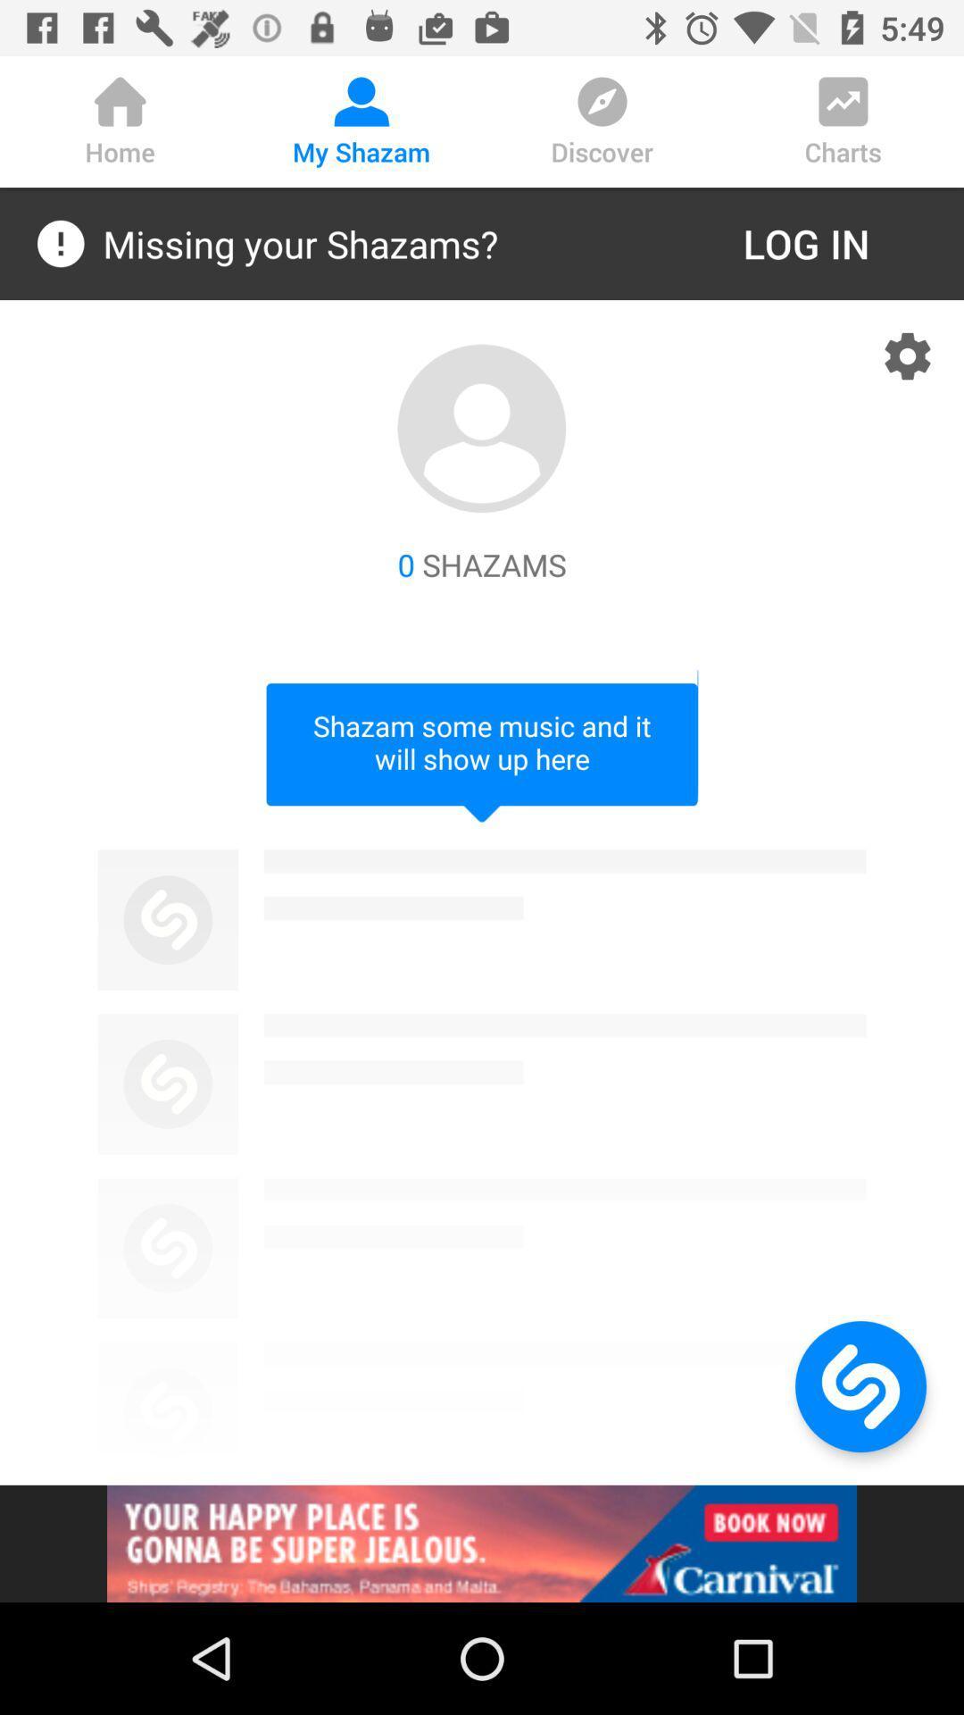  What do you see at coordinates (908, 356) in the screenshot?
I see `open settings` at bounding box center [908, 356].